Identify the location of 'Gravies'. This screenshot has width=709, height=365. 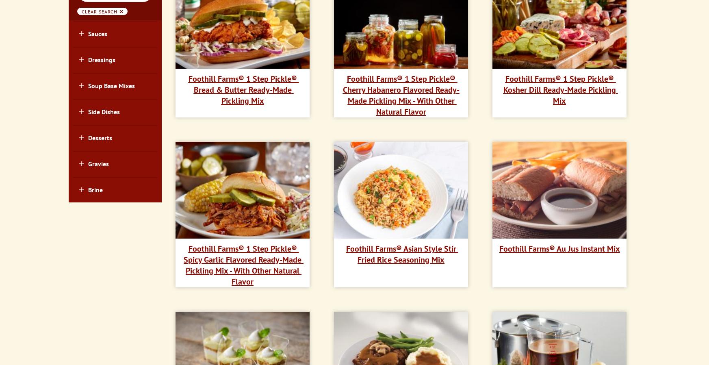
(98, 163).